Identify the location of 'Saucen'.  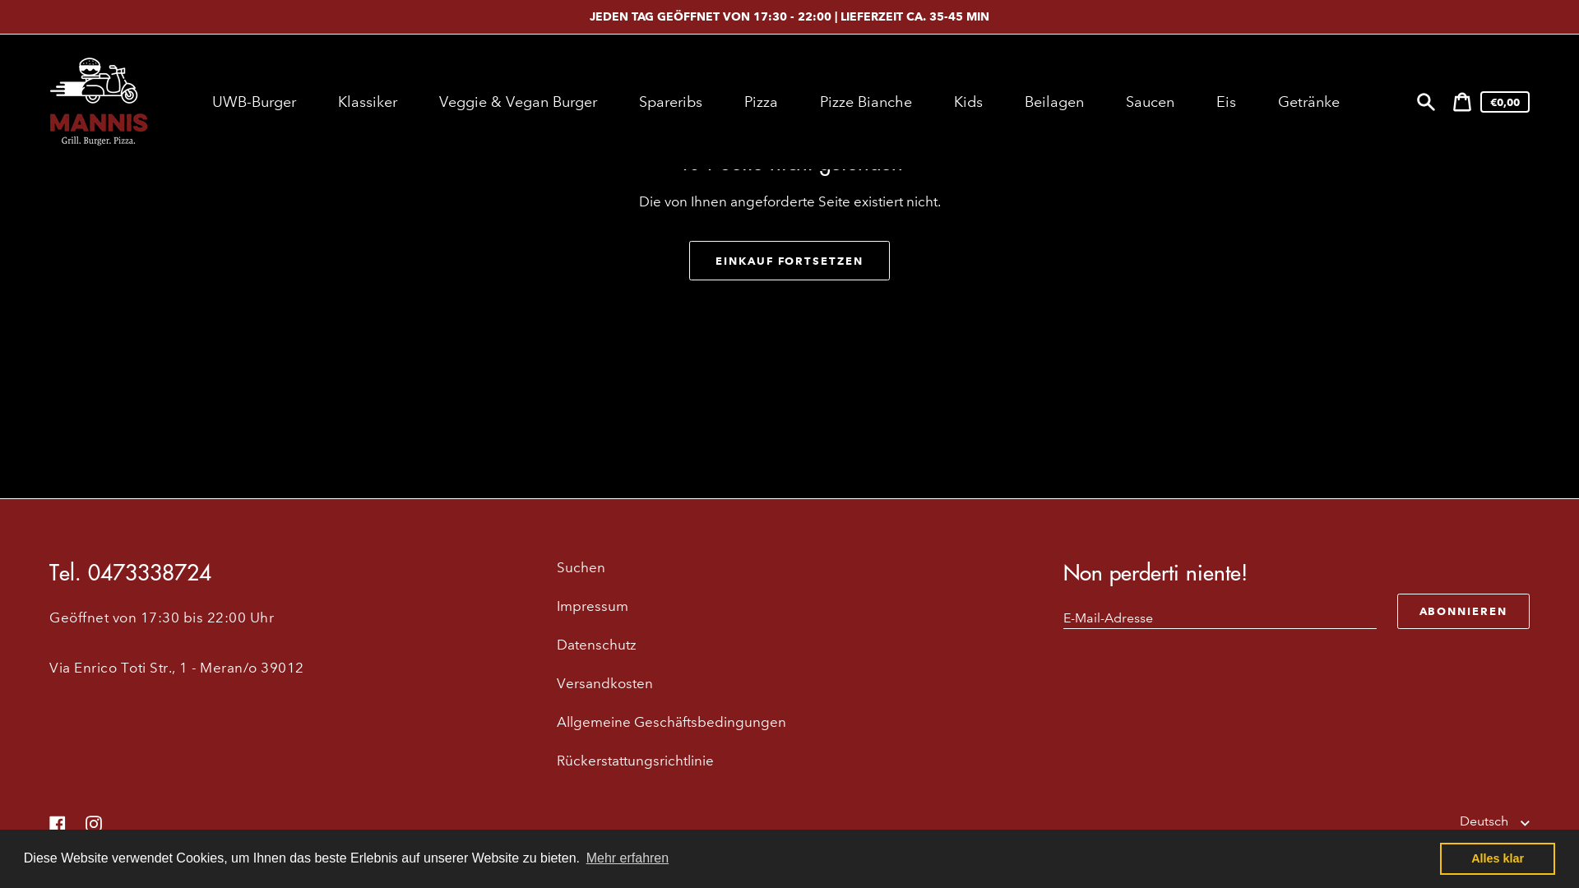
(1151, 101).